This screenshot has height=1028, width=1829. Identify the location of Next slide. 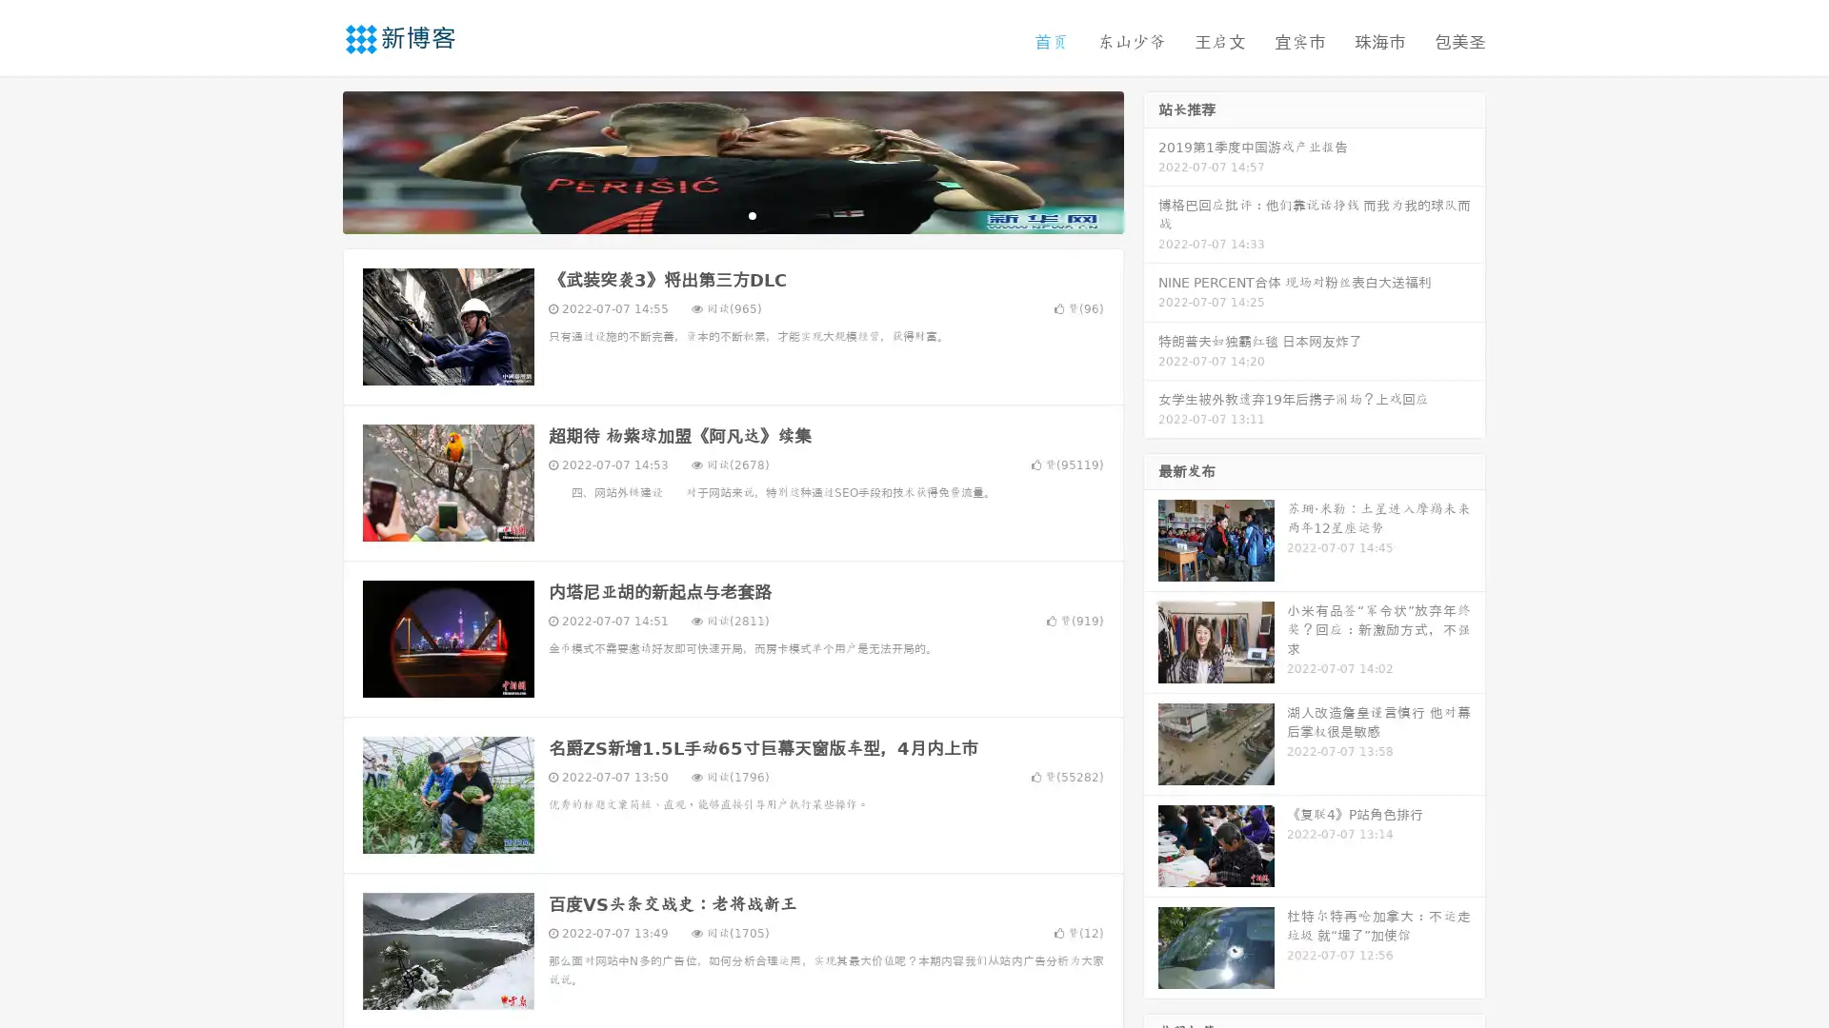
(1151, 160).